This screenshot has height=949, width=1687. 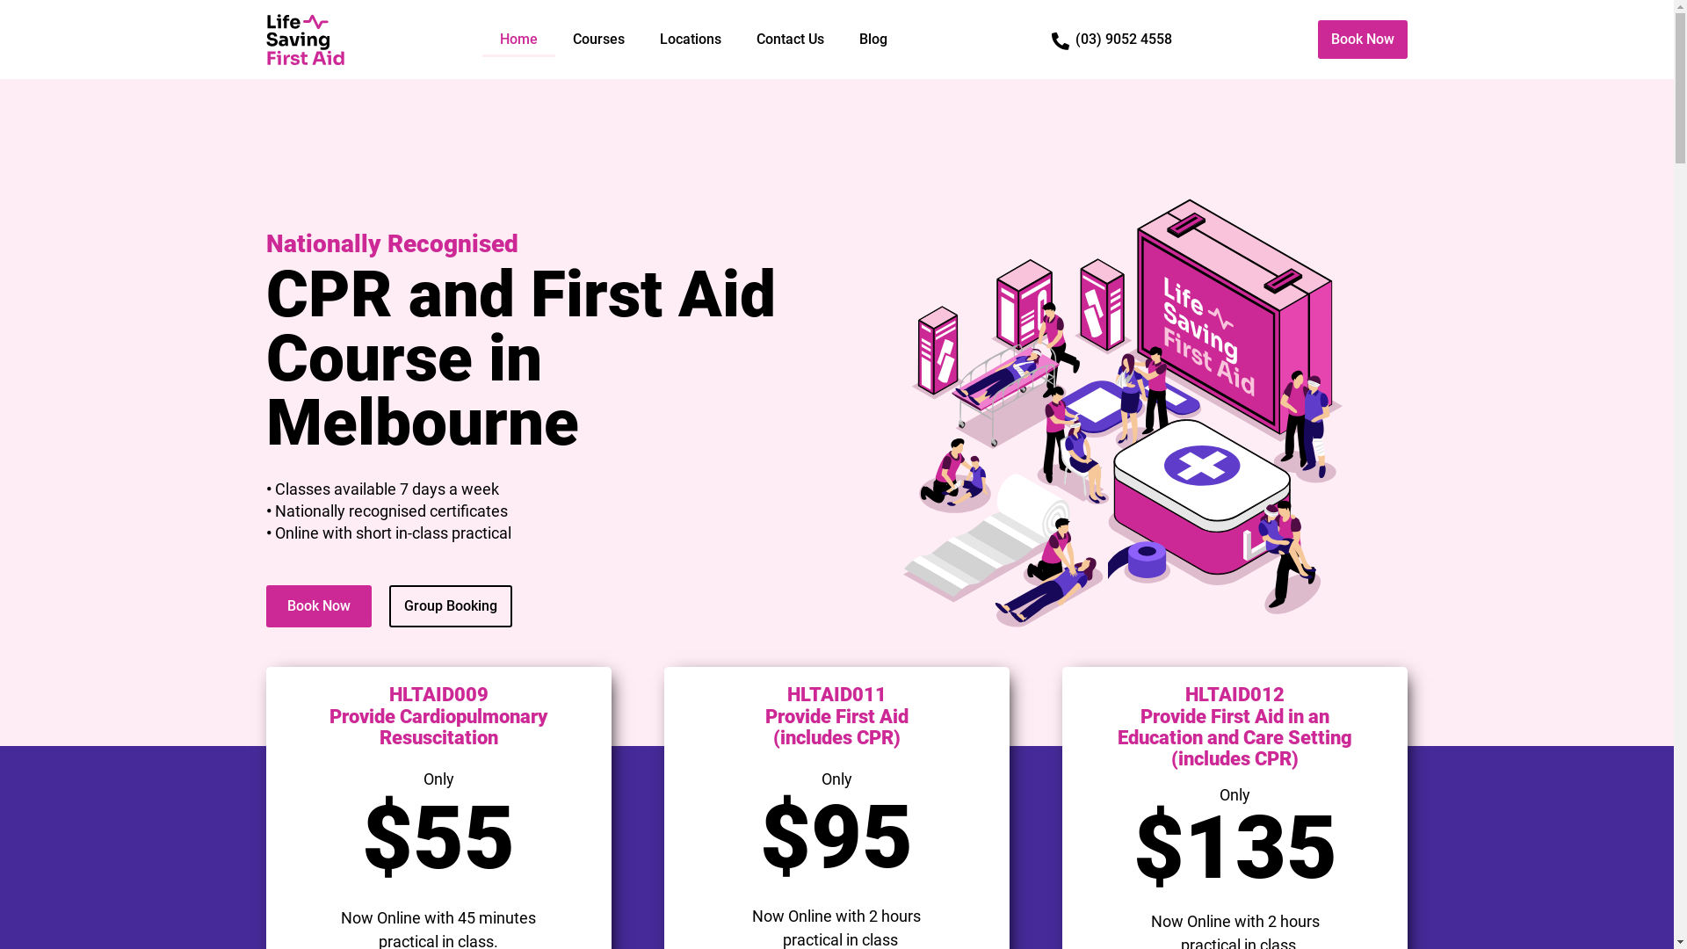 What do you see at coordinates (841, 40) in the screenshot?
I see `'Blog'` at bounding box center [841, 40].